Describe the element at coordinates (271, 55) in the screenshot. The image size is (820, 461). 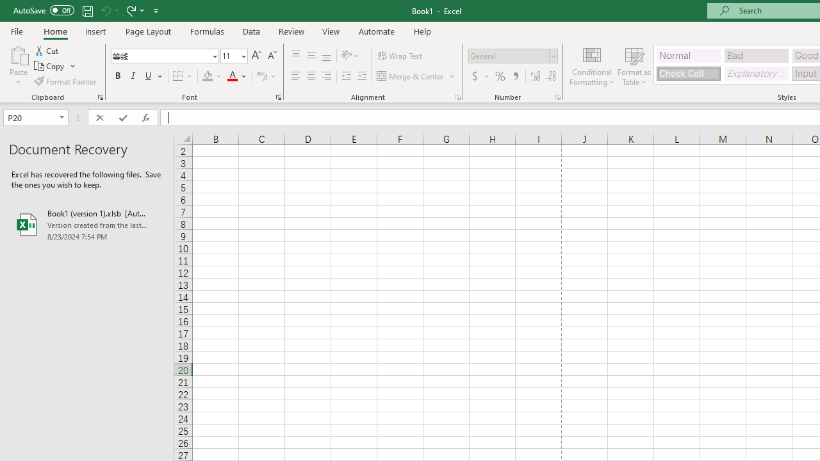
I see `'Decrease Font Size'` at that location.